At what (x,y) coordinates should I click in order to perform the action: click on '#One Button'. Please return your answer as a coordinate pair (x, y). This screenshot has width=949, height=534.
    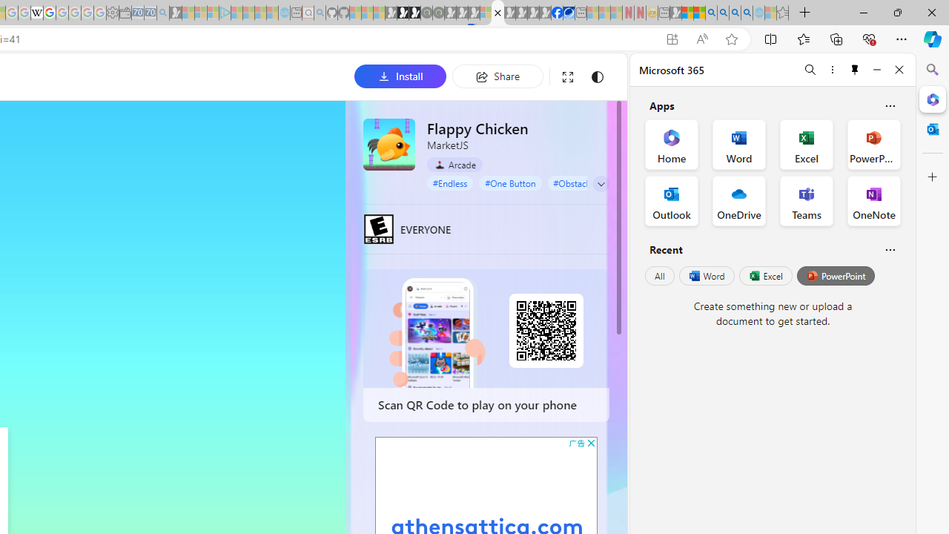
    Looking at the image, I should click on (510, 182).